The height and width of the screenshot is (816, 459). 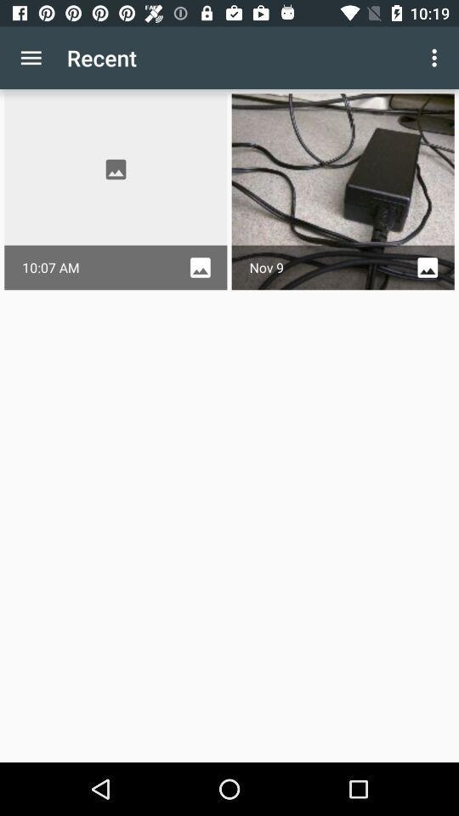 What do you see at coordinates (436, 58) in the screenshot?
I see `the app to the right of recent item` at bounding box center [436, 58].